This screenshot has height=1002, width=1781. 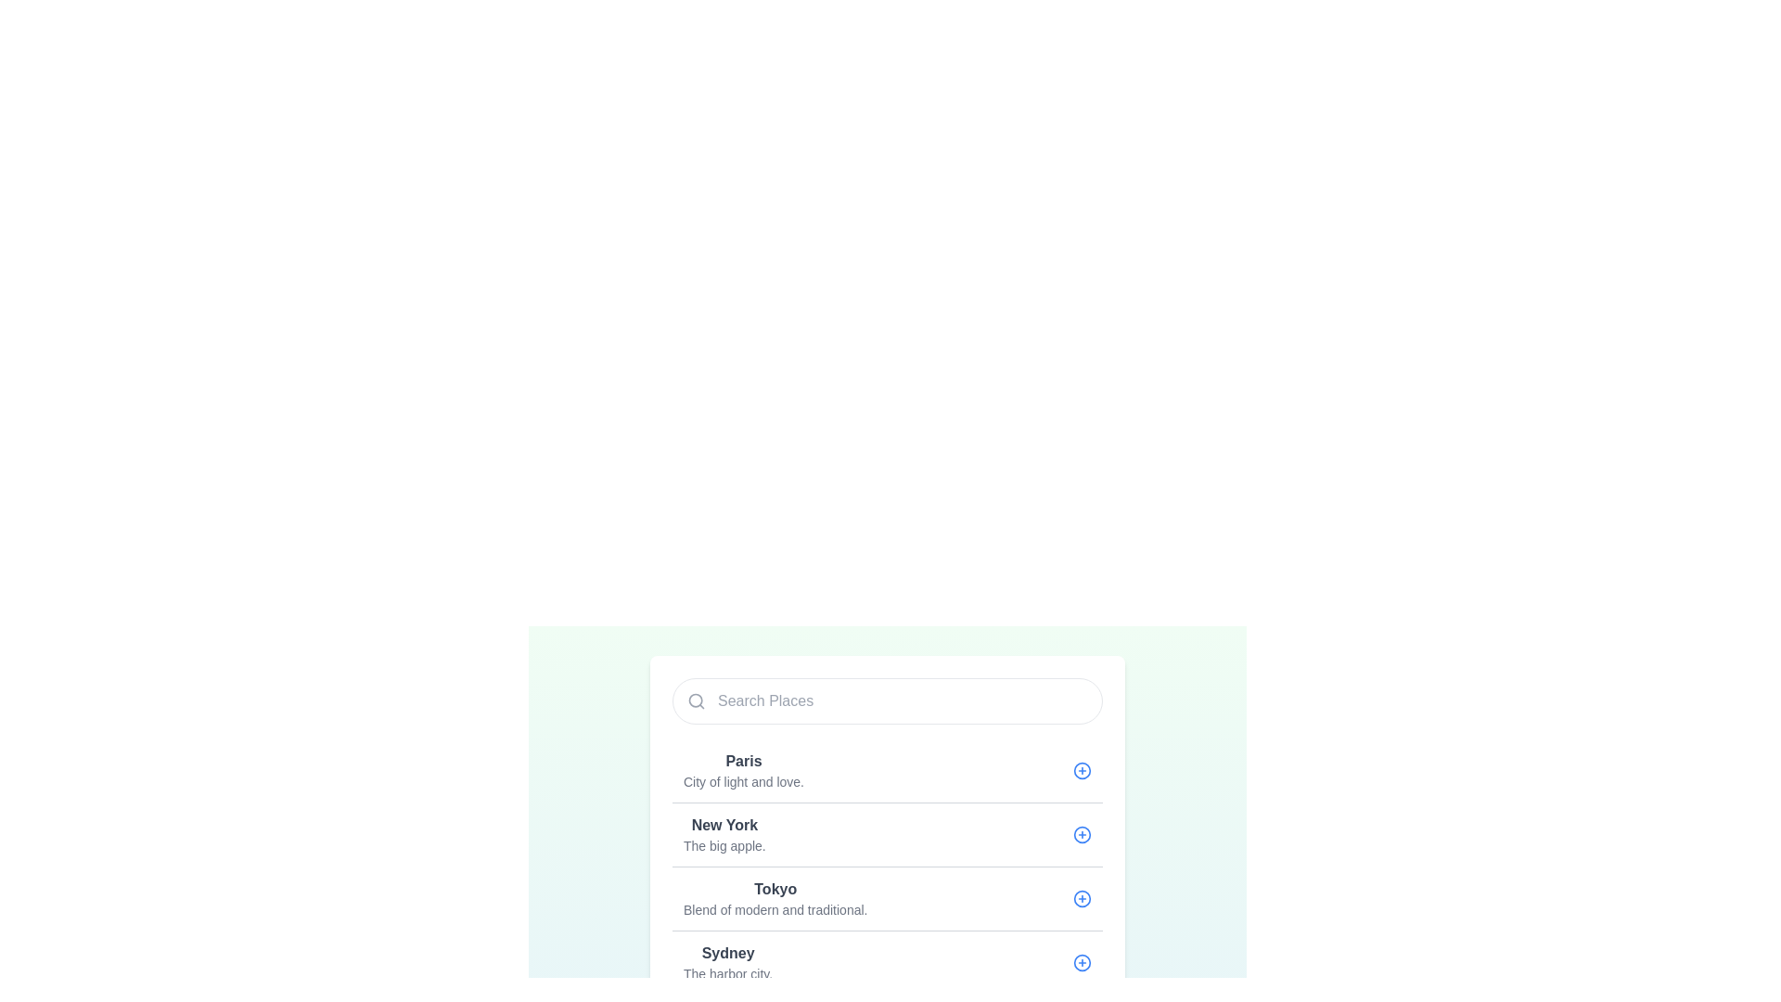 What do you see at coordinates (1082, 770) in the screenshot?
I see `the circular shape within the SVG icon located to the right of the list item text 'Paris'` at bounding box center [1082, 770].